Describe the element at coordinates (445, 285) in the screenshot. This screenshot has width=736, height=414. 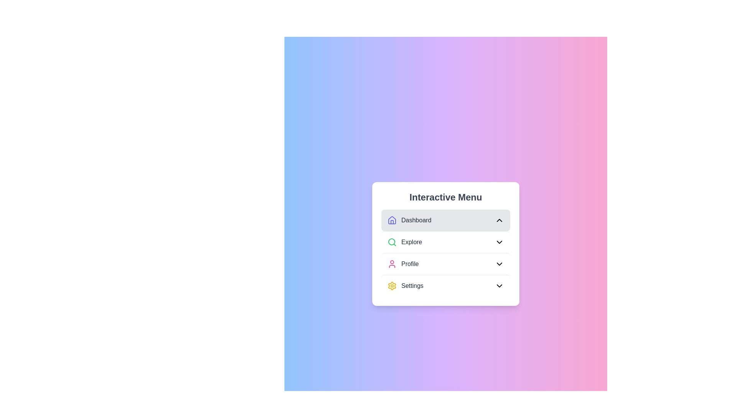
I see `the menu item Settings to activate it` at that location.